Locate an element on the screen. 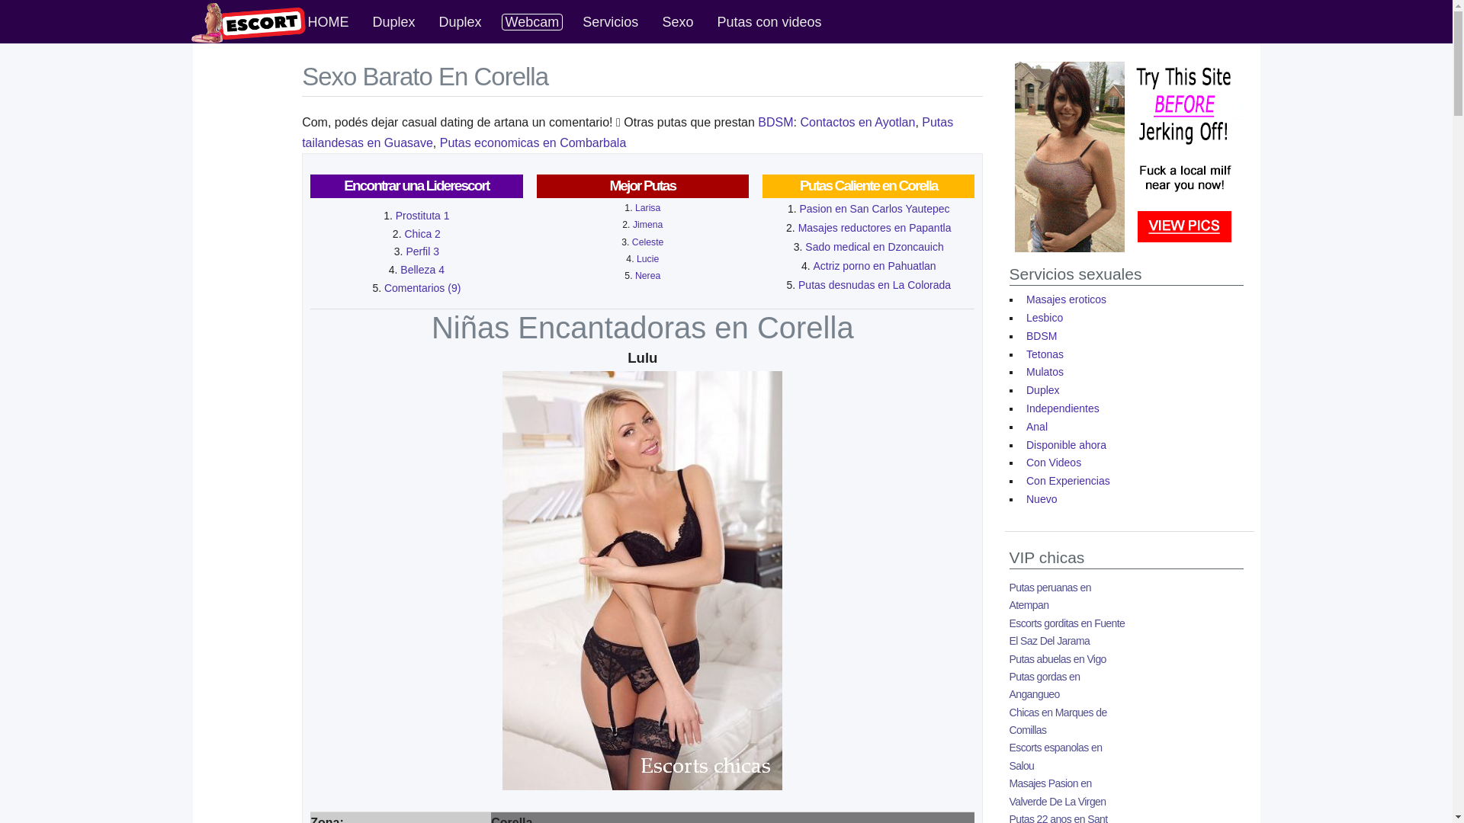  'Jimena' is located at coordinates (647, 224).